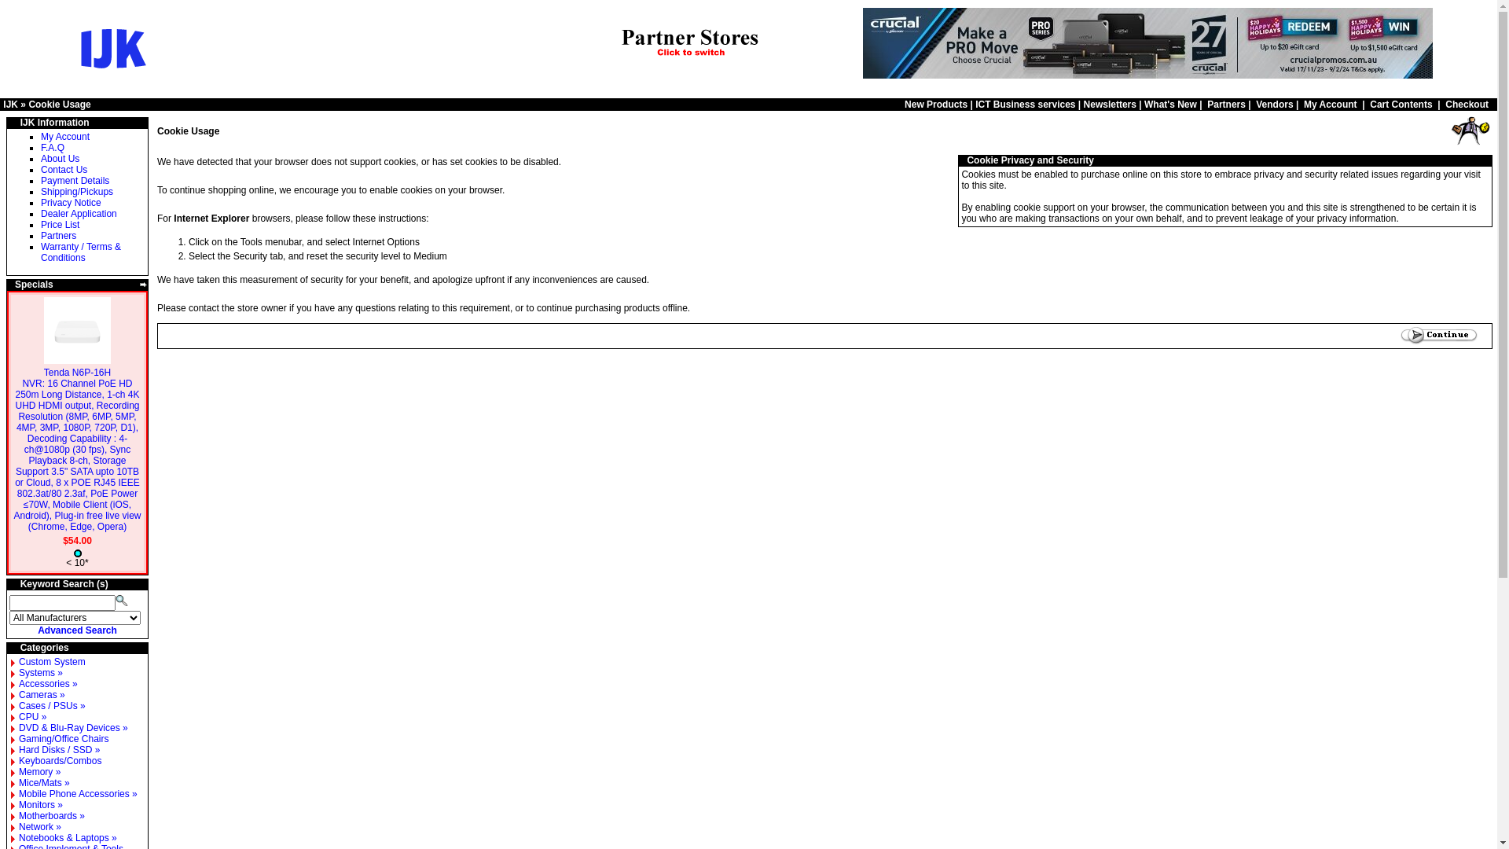  I want to click on 'Privacy Notice', so click(70, 202).